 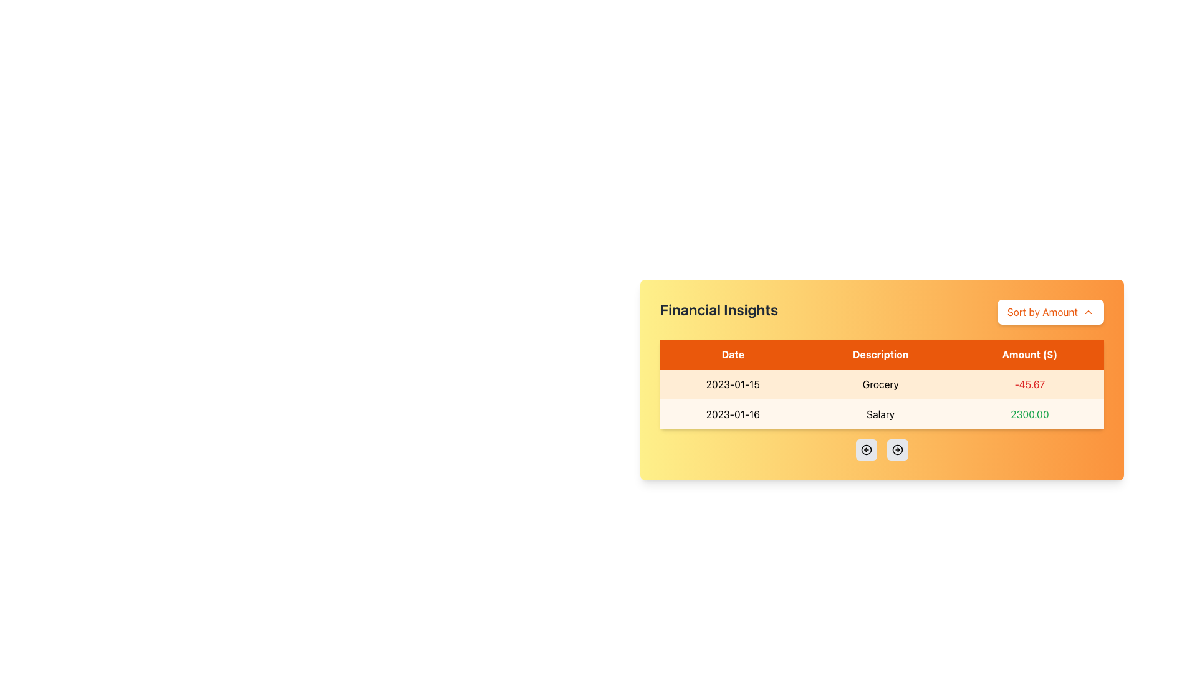 I want to click on text content from the Text Display element located in the second column of the table under the 'Description' header, which is horizontally centered between the adjacent cells containing '2023-01-15' and '-45.67', so click(x=880, y=384).